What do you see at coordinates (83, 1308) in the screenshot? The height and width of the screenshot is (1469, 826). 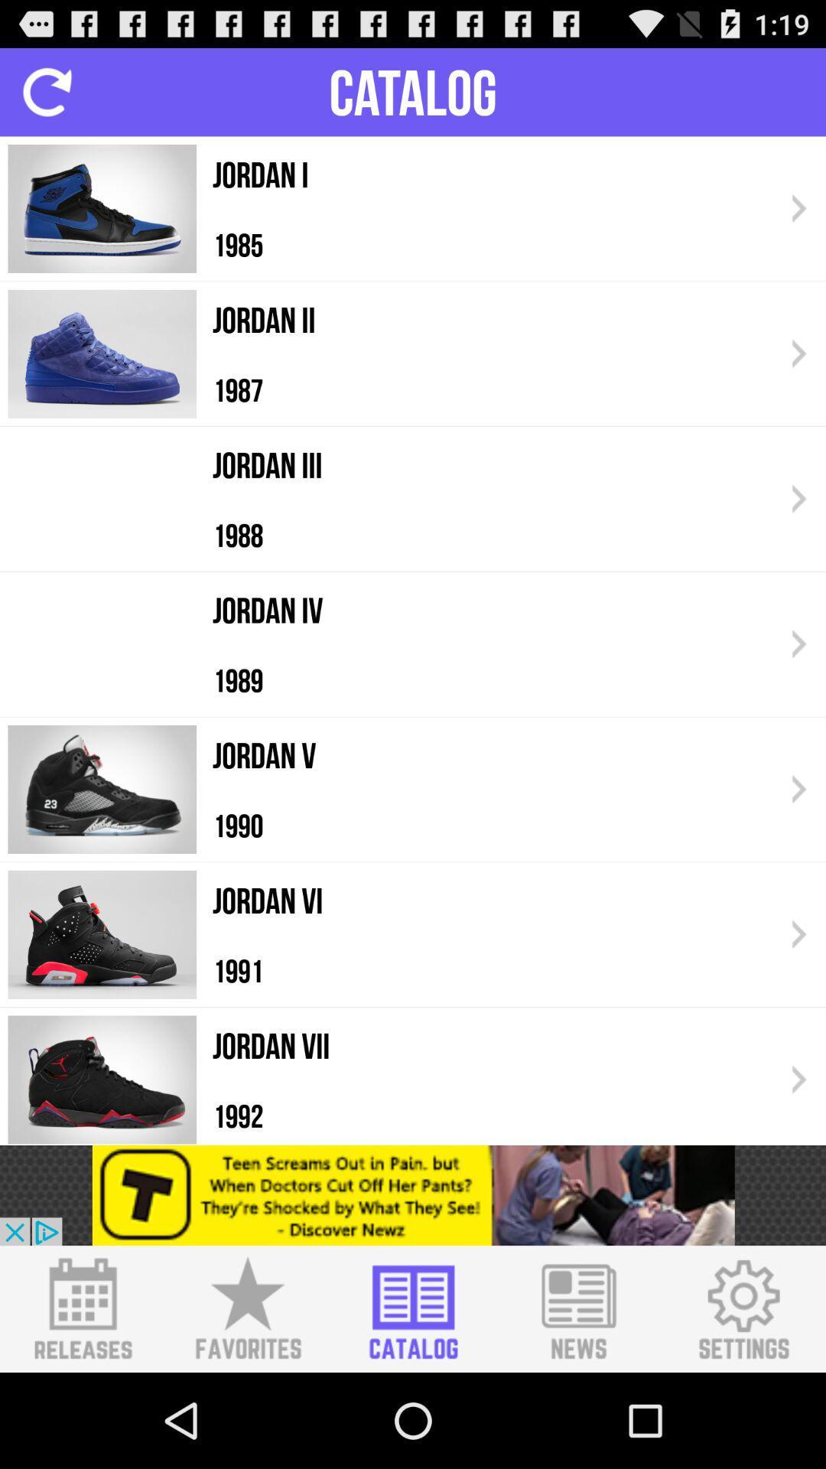 I see `releases` at bounding box center [83, 1308].